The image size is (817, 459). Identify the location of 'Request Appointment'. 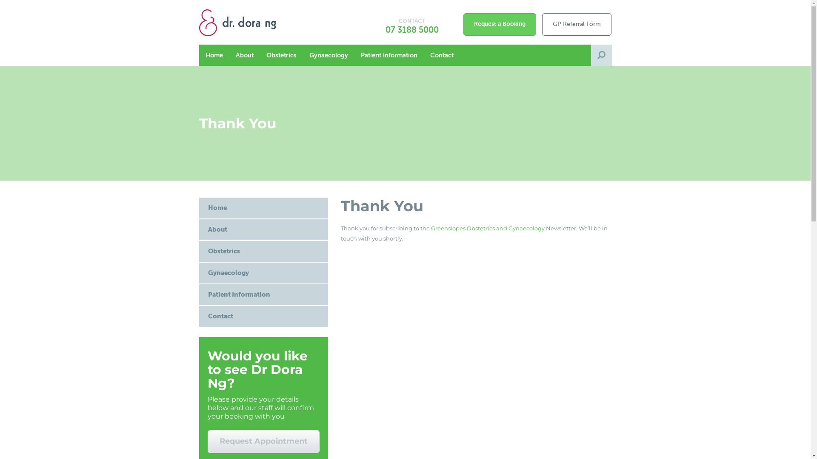
(263, 441).